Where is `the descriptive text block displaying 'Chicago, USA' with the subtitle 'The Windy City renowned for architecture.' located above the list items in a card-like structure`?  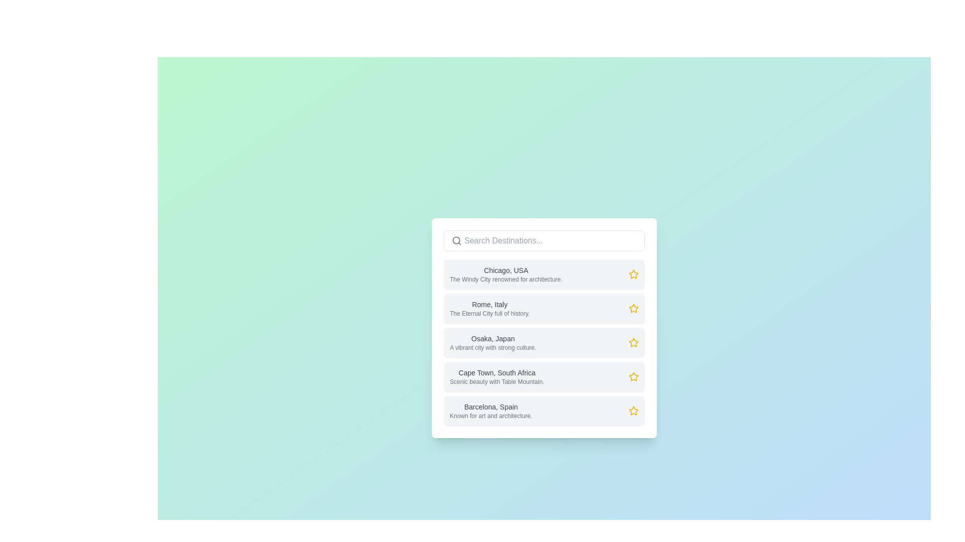
the descriptive text block displaying 'Chicago, USA' with the subtitle 'The Windy City renowned for architecture.' located above the list items in a card-like structure is located at coordinates (506, 275).